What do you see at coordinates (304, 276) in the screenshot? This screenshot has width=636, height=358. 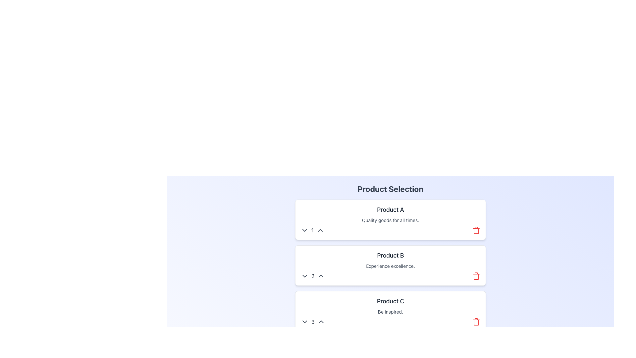 I see `the downward-pointing chevron icon to decrease the numerical value associated with 'Product B'` at bounding box center [304, 276].